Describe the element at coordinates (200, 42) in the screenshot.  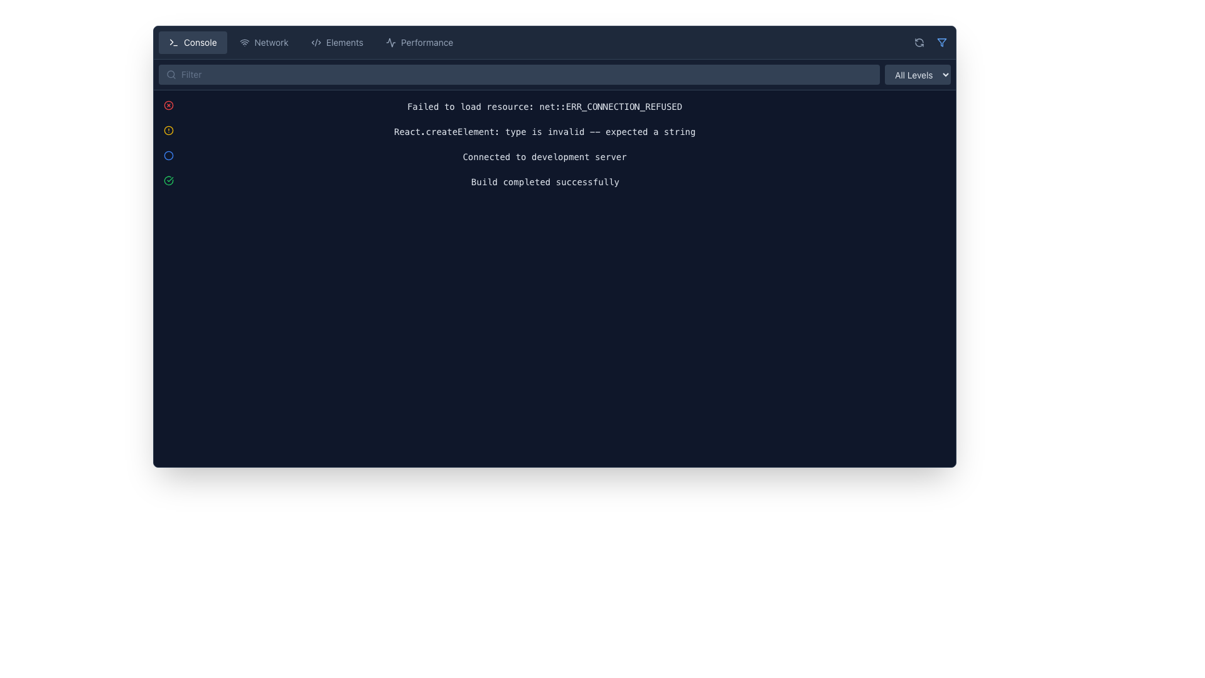
I see `the 'Console' label text, which is a white sans-serif font located at the left end of the top navigation bar` at that location.